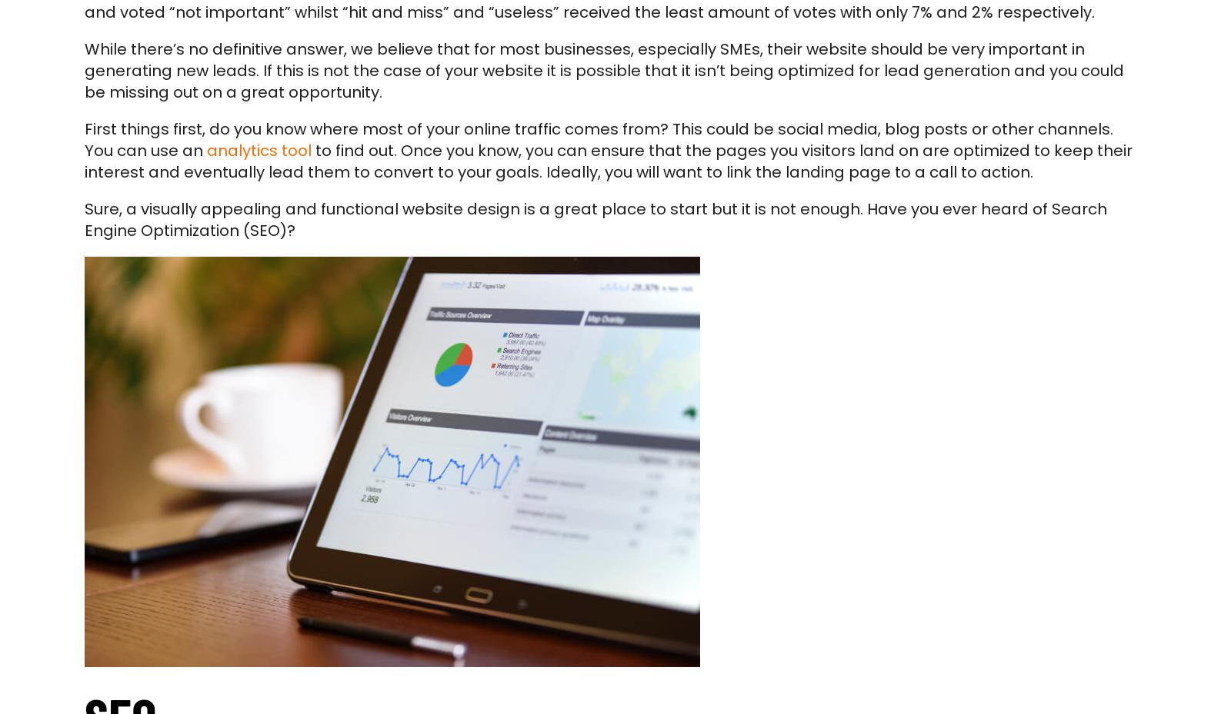 The width and height of the screenshot is (1231, 714). What do you see at coordinates (429, 264) in the screenshot?
I see `'If you’d like to discuss how your website can help generate leads then please feel free to'` at bounding box center [429, 264].